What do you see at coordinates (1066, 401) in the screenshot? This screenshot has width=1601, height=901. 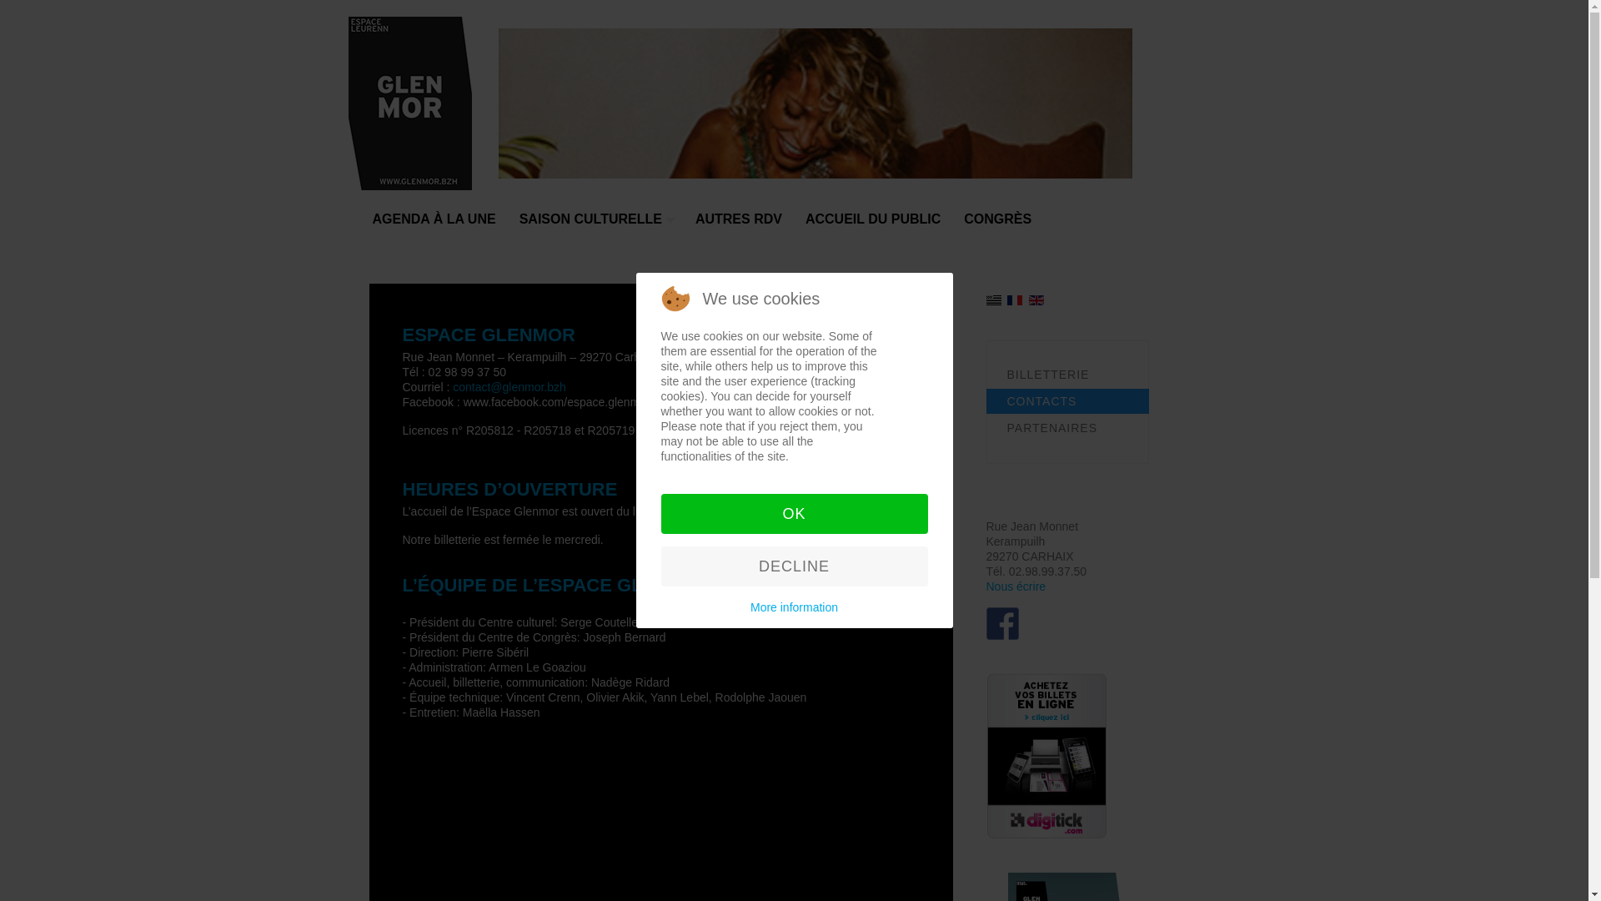 I see `'CONTACTS'` at bounding box center [1066, 401].